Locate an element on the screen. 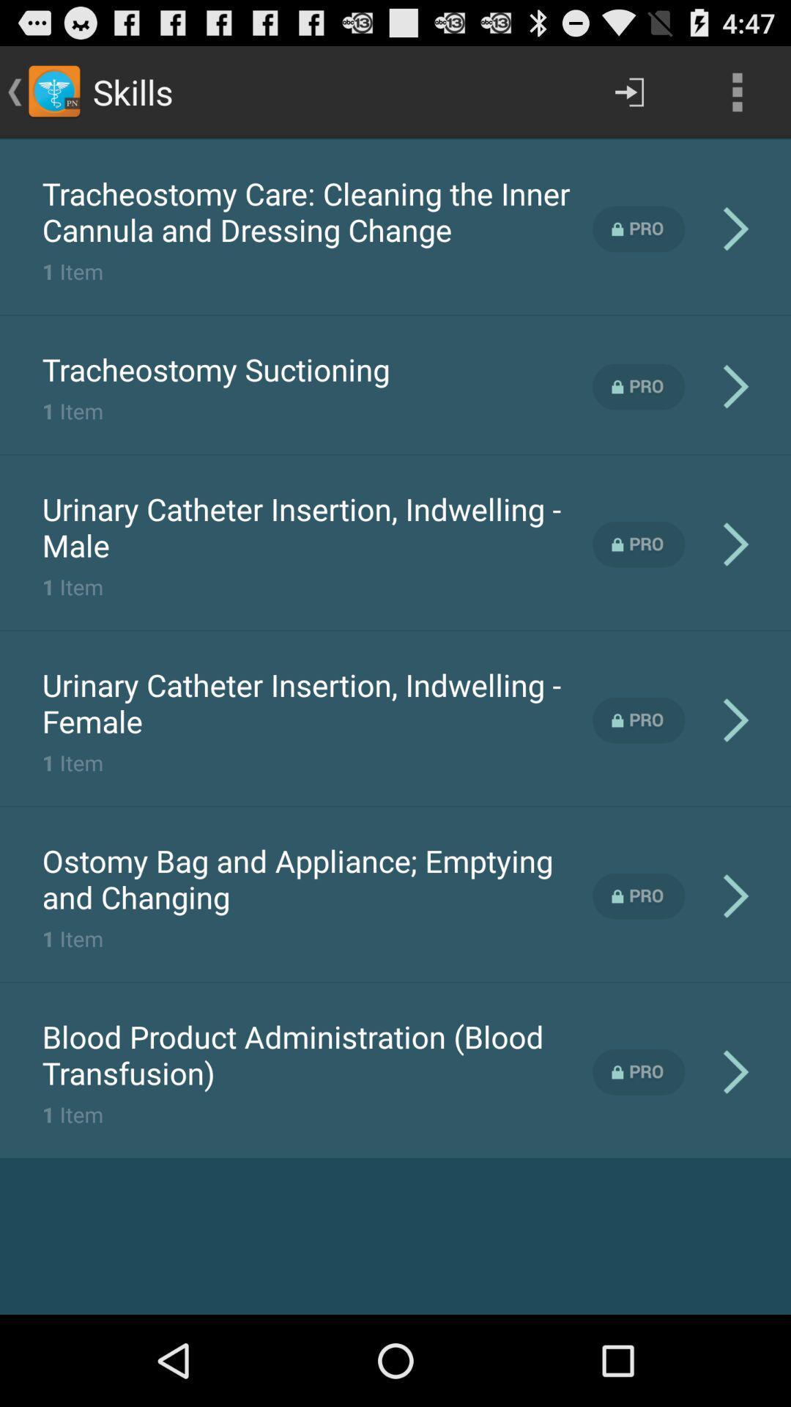 This screenshot has width=791, height=1407. unlock pro content is located at coordinates (638, 1072).